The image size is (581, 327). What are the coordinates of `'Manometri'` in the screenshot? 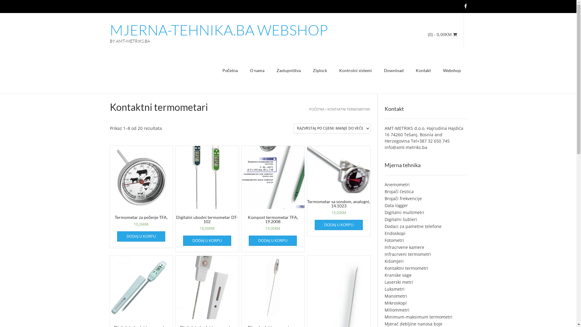 It's located at (396, 296).